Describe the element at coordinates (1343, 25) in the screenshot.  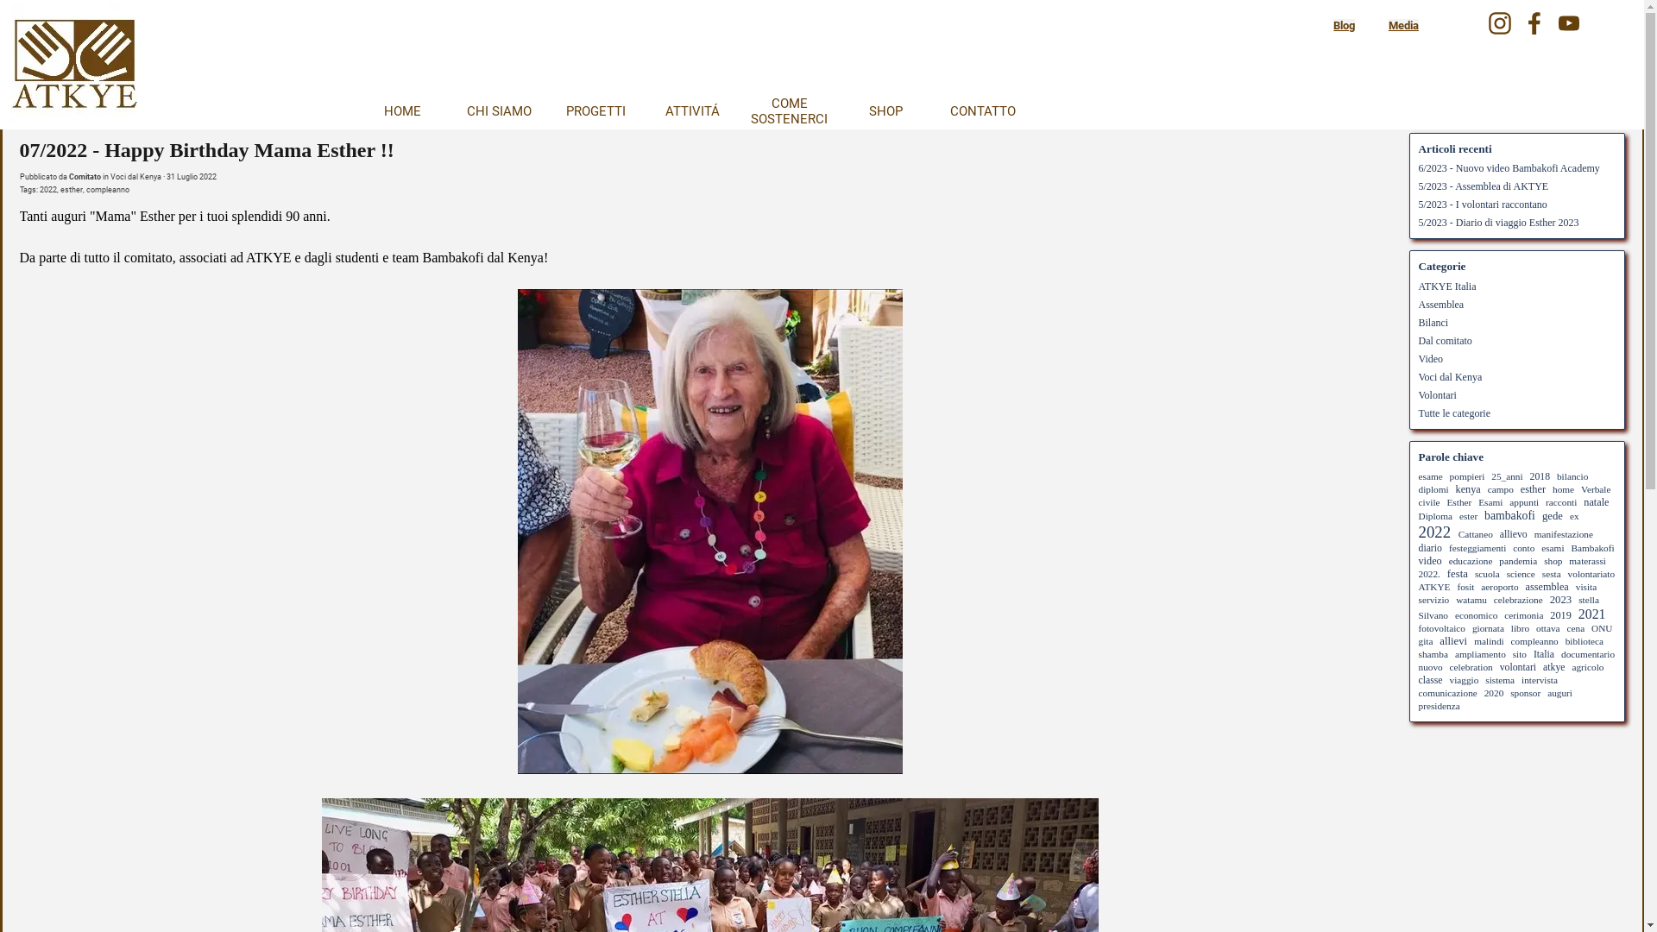
I see `'Blog'` at that location.